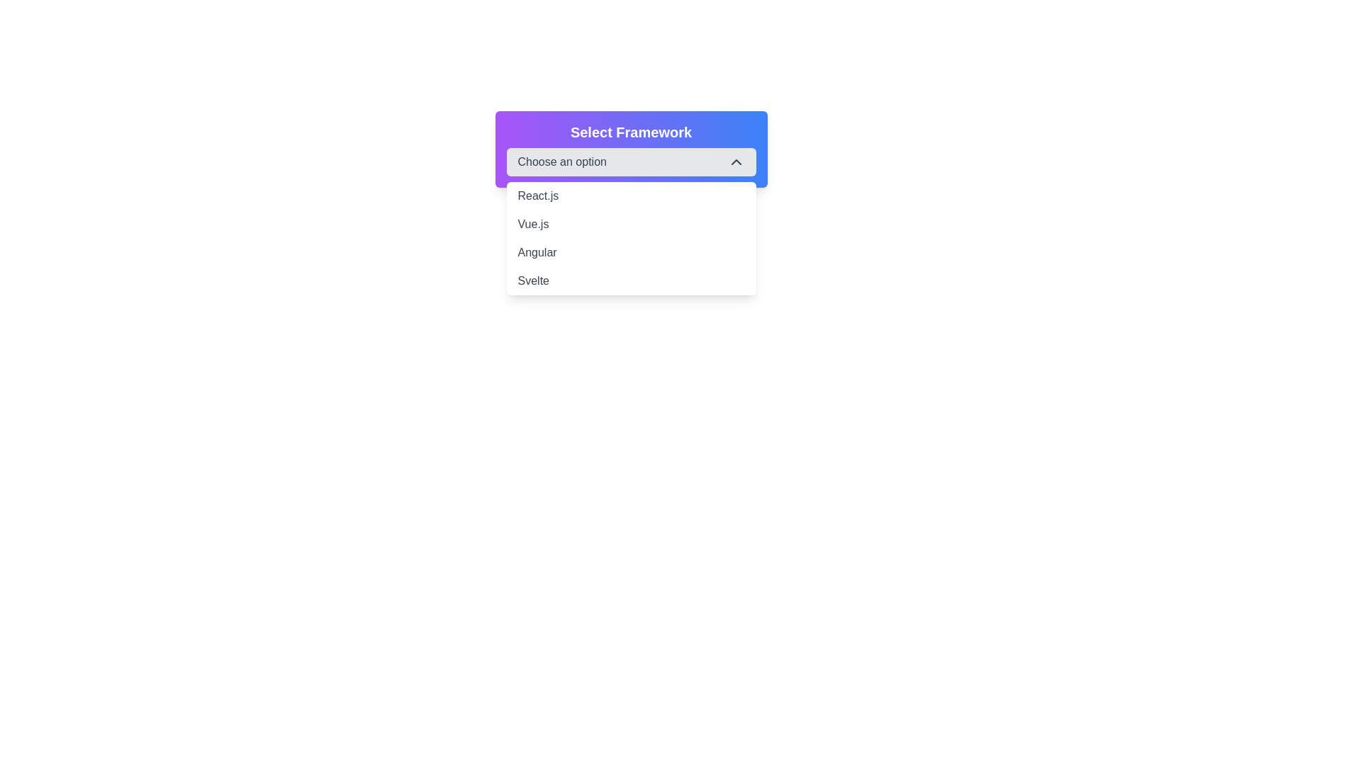 The height and width of the screenshot is (765, 1361). Describe the element at coordinates (630, 252) in the screenshot. I see `the 'Angular' menu option in the dropdown list` at that location.